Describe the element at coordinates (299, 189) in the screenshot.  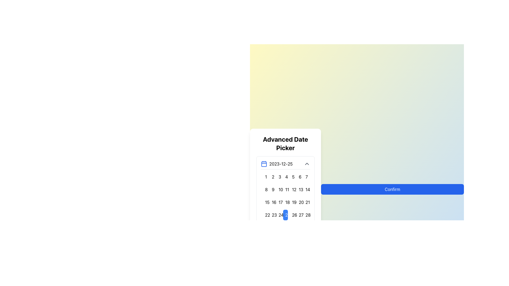
I see `the button displaying the numeral '13'` at that location.